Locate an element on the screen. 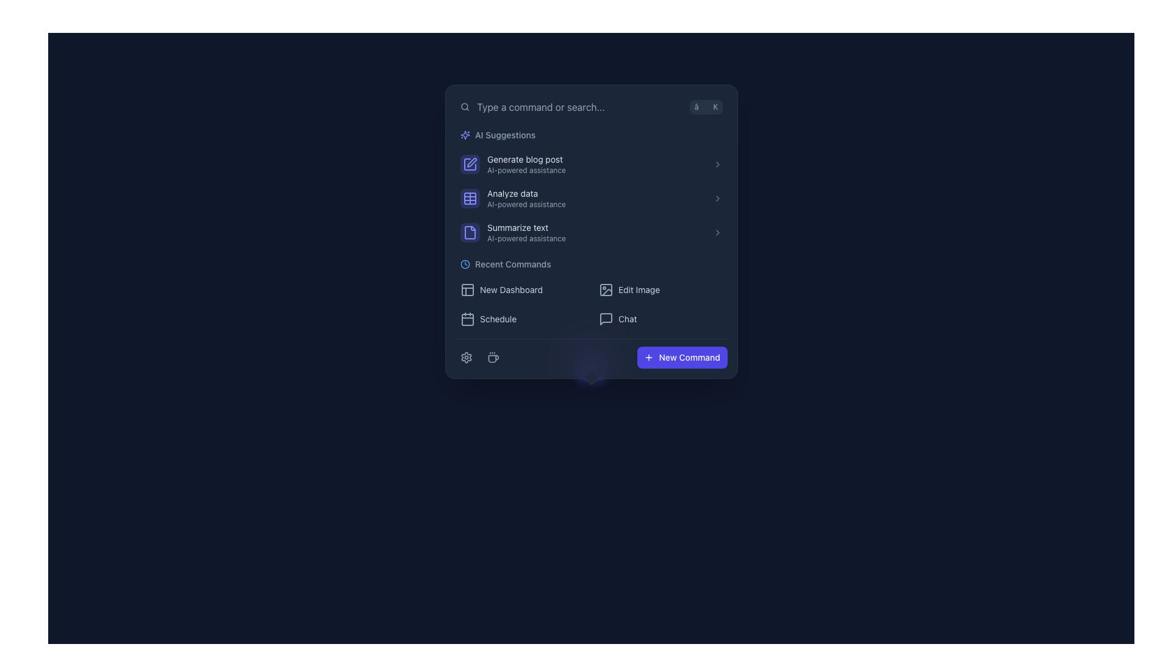 Image resolution: width=1171 pixels, height=658 pixels. the leftmost button (icon-based) located near the bottom-left corner of the visible modal interface is located at coordinates (465, 356).